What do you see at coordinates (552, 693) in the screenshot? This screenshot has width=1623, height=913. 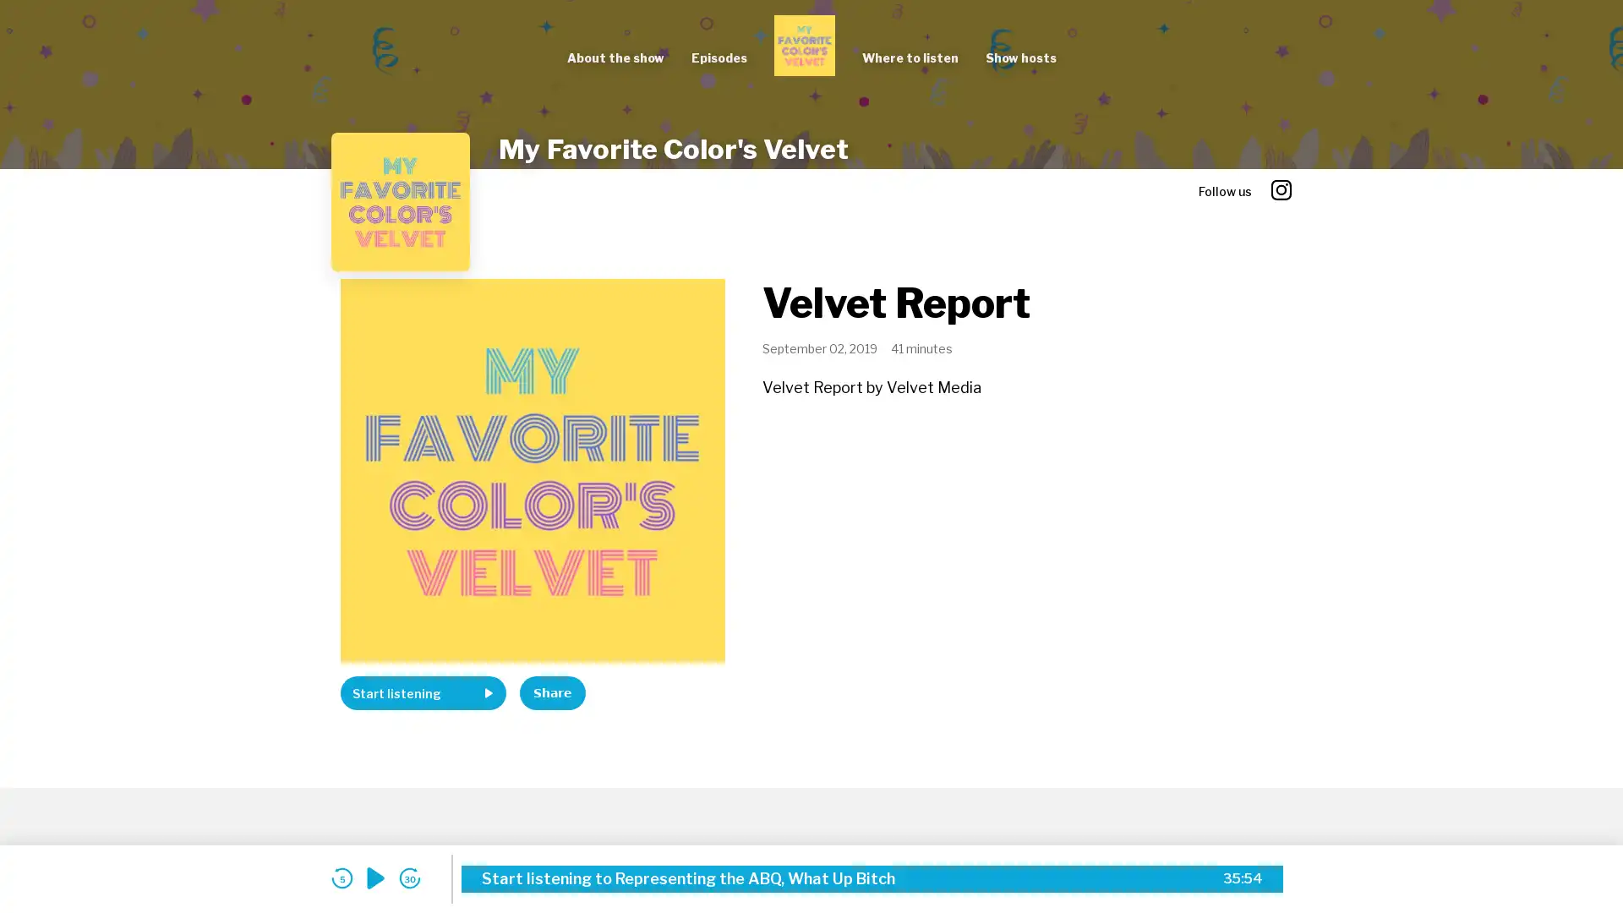 I see `Share` at bounding box center [552, 693].